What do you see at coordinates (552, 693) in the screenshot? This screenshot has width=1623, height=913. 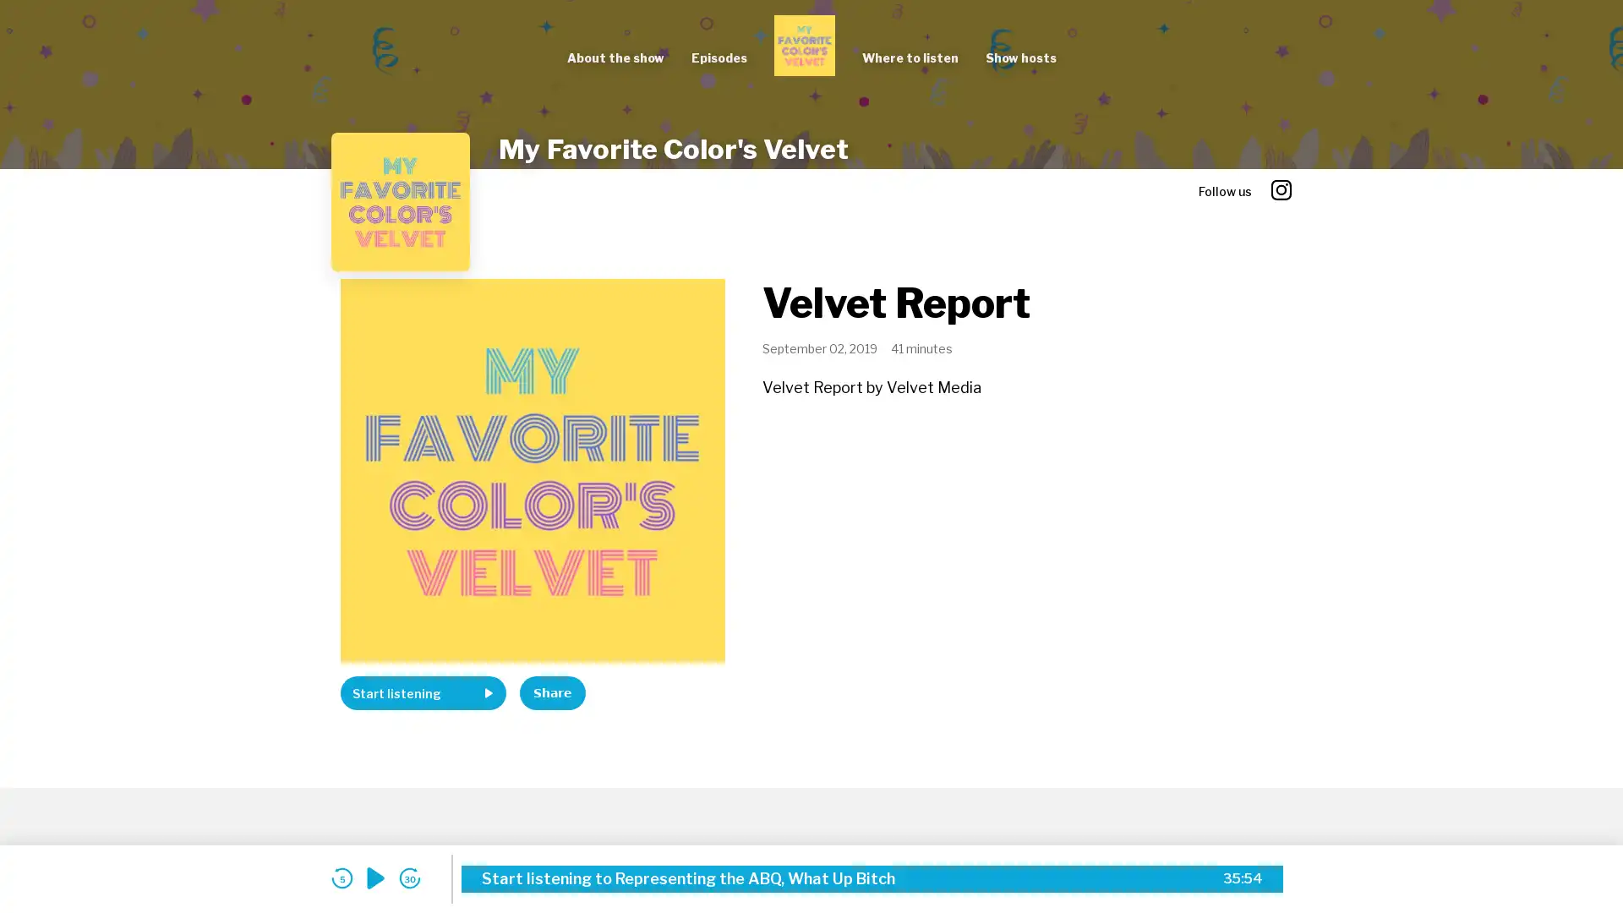 I see `Share` at bounding box center [552, 693].